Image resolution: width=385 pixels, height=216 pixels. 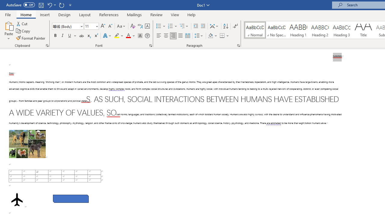 What do you see at coordinates (103, 26) in the screenshot?
I see `'Grow Font'` at bounding box center [103, 26].